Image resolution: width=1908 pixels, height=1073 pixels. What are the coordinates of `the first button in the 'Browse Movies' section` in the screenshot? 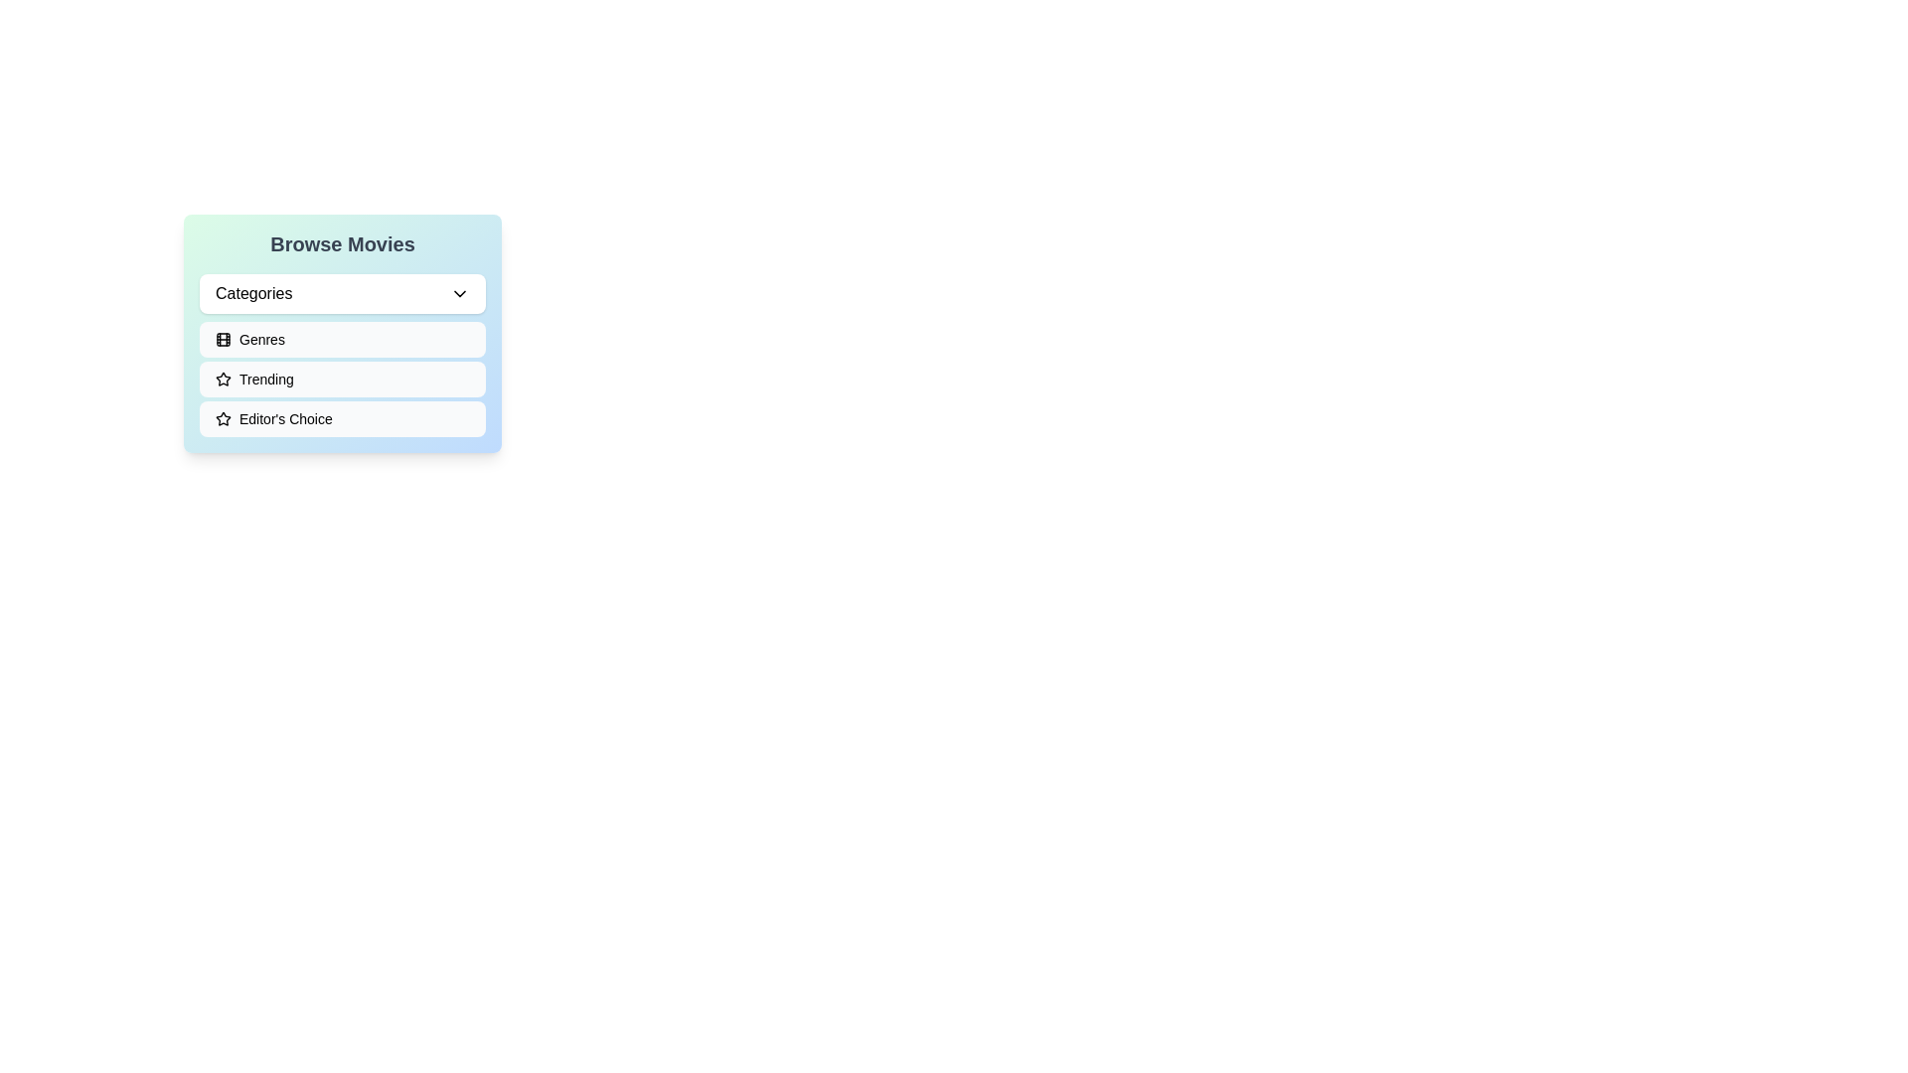 It's located at (343, 339).